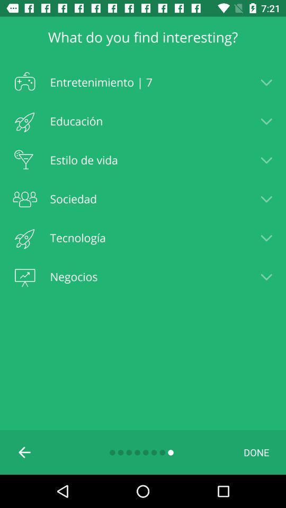 The height and width of the screenshot is (508, 286). I want to click on go back, so click(25, 451).